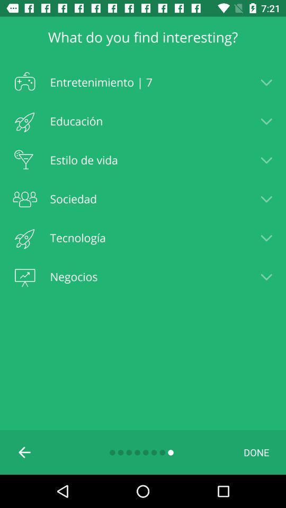 The height and width of the screenshot is (508, 286). I want to click on go back, so click(25, 451).